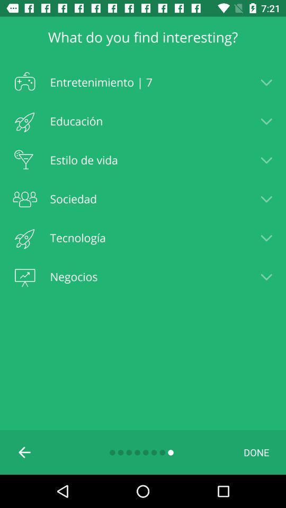 The height and width of the screenshot is (508, 286). I want to click on go back, so click(25, 451).